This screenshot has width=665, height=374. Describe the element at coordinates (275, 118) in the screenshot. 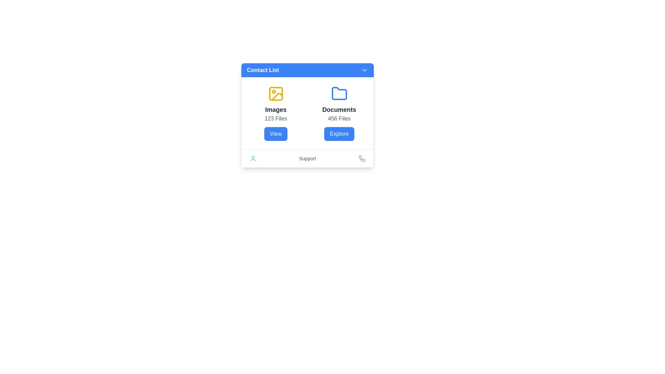

I see `the Text Label displaying the count of files (123) for the 'Images' category, which is located below the title 'Images' and above the 'View' button` at that location.